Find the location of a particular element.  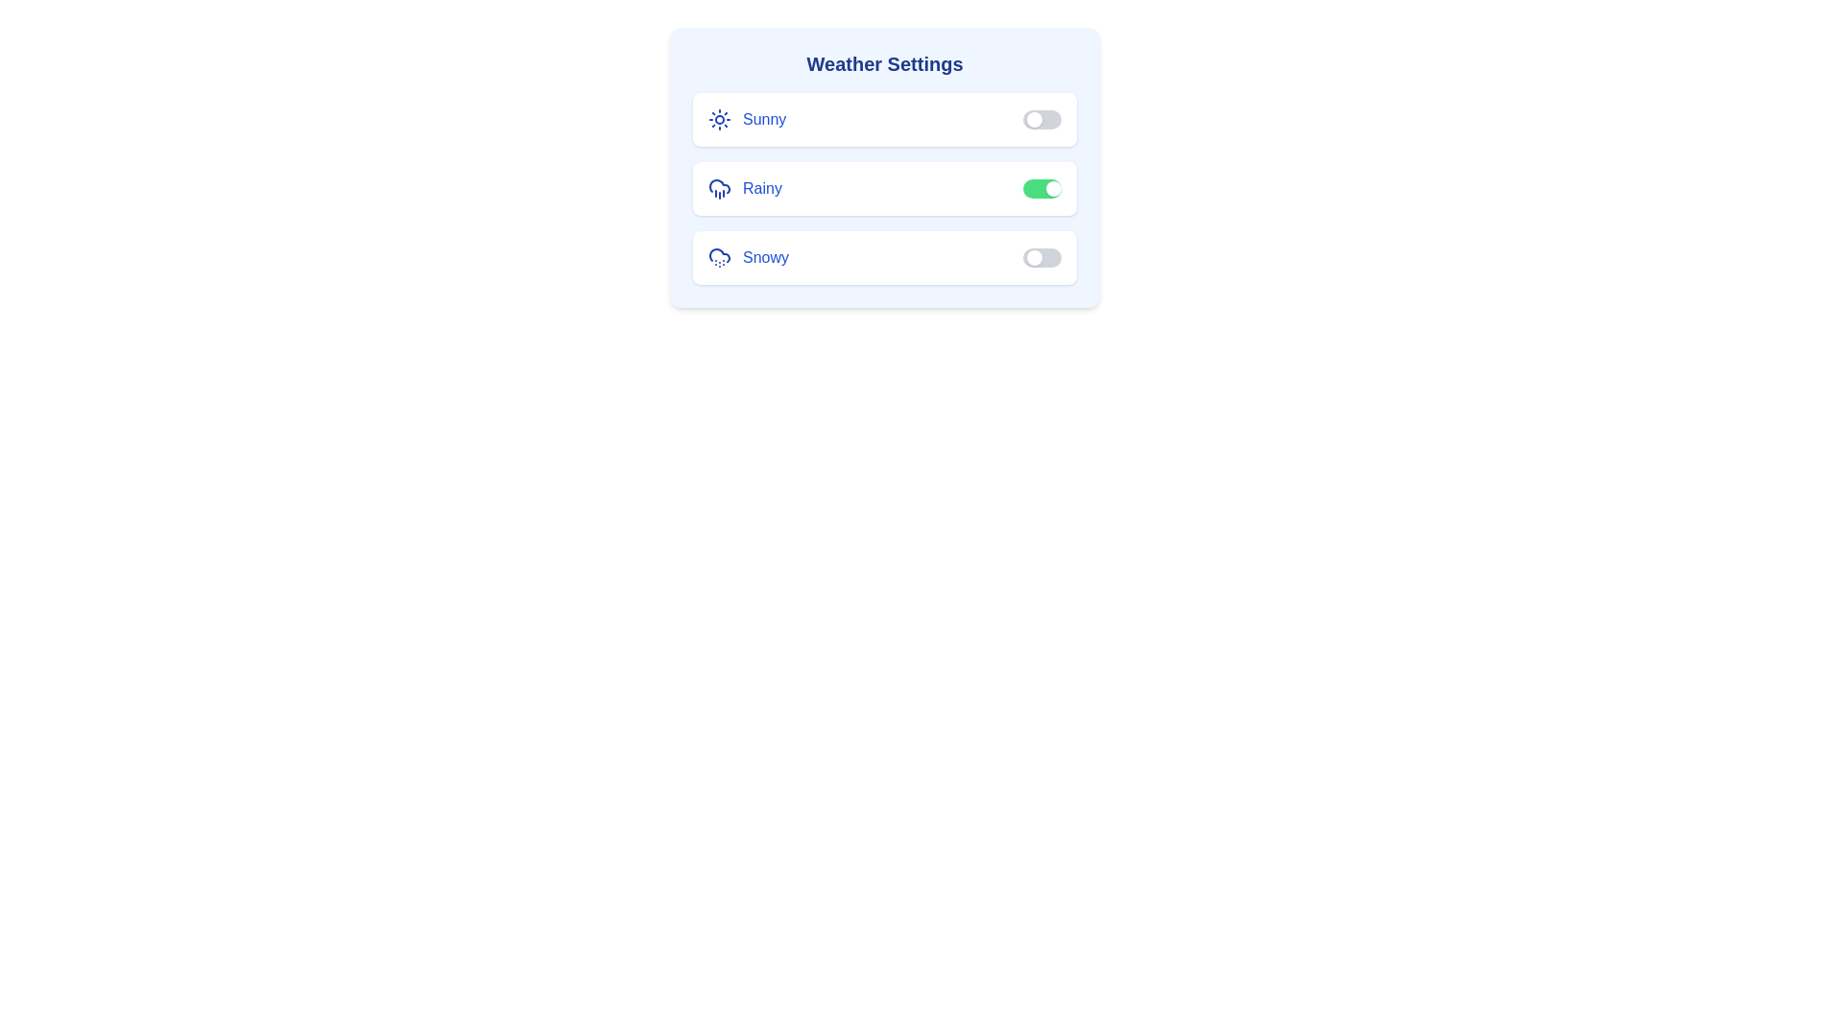

the 'Sunny' text label element, which is styled with a medium-weight font and blue color, located in the 'Weather Settings' section between a sun icon and a toggle switch is located at coordinates (763, 119).